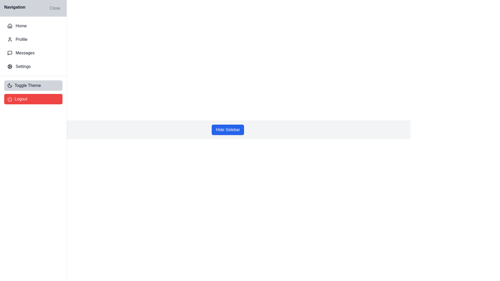  Describe the element at coordinates (10, 39) in the screenshot. I see `the user profile SVG icon located in the 'Profile' menu item on the left side of the navigation menu, positioned near the top and to the left of the 'Profile' text label` at that location.